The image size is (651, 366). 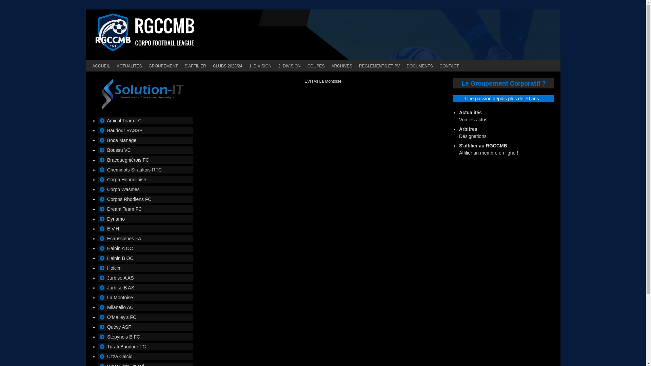 I want to click on 'GROUPEMENT', so click(x=163, y=66).